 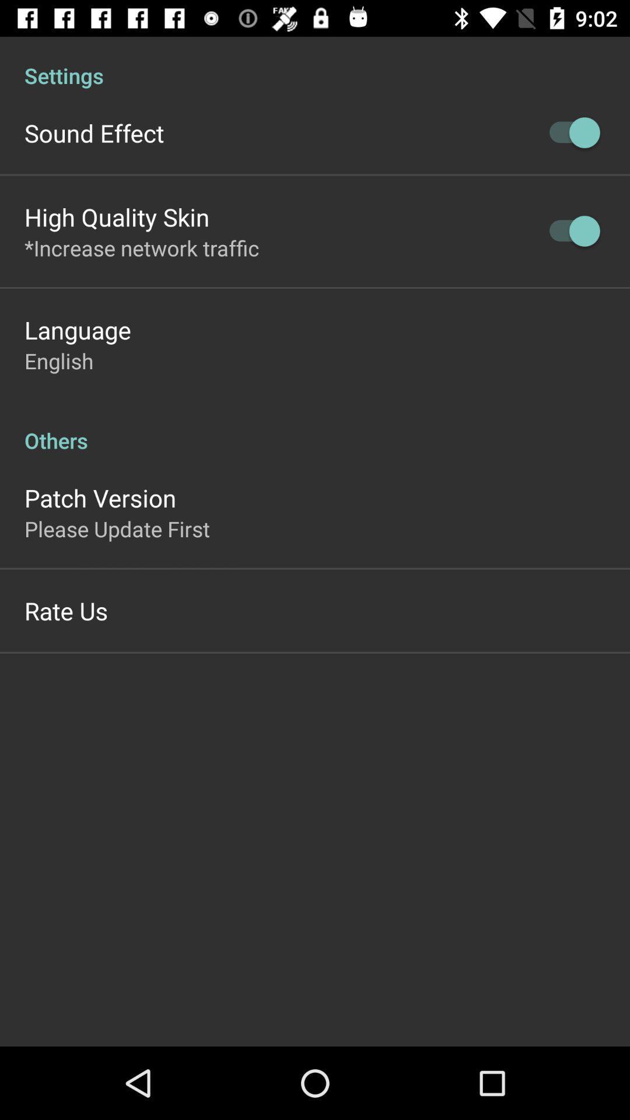 What do you see at coordinates (117, 217) in the screenshot?
I see `item above *increase network traffic icon` at bounding box center [117, 217].